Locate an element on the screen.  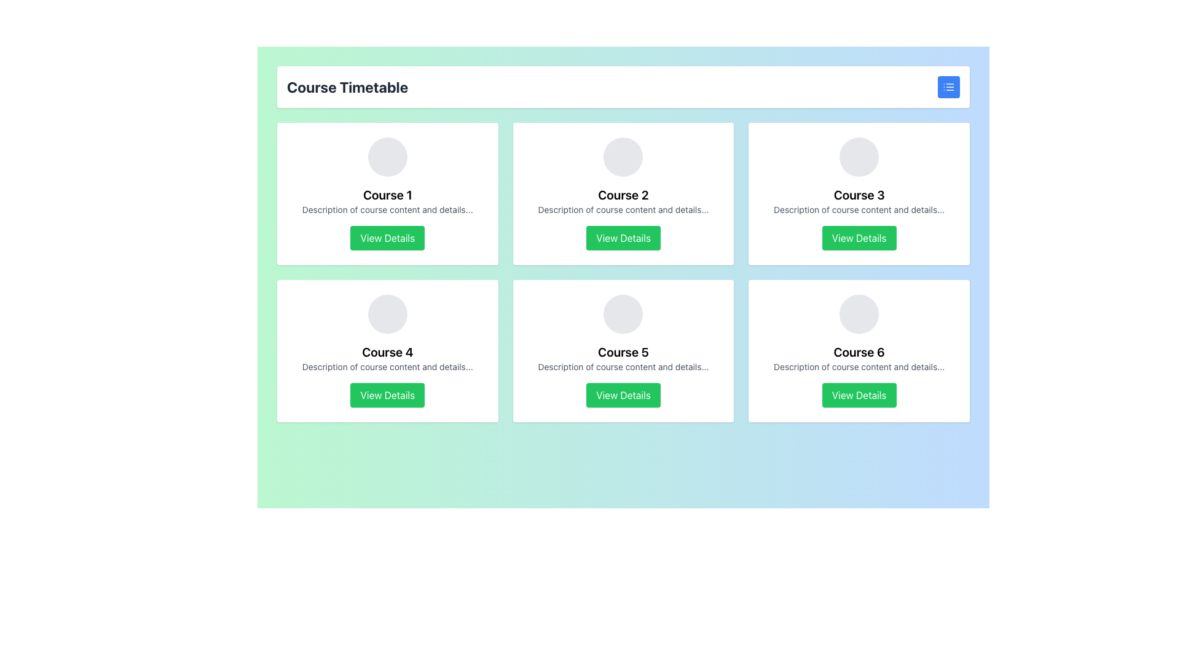
the button that initiates an action is located at coordinates (387, 395).